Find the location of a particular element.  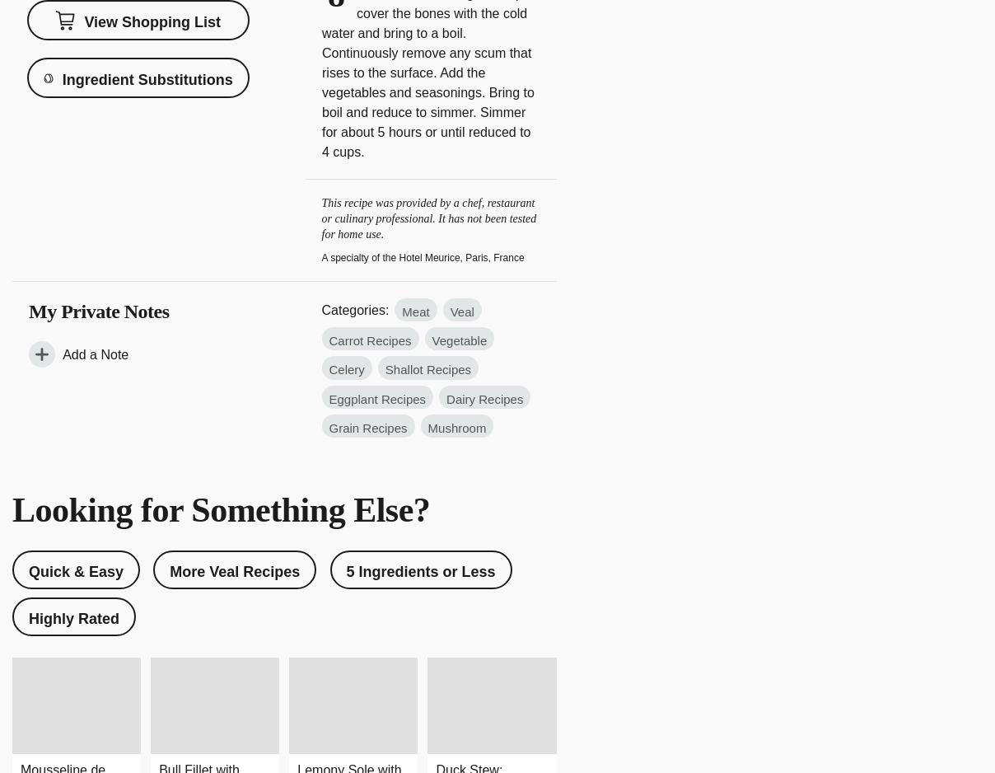

'5 Ingredients or Less' is located at coordinates (420, 570).